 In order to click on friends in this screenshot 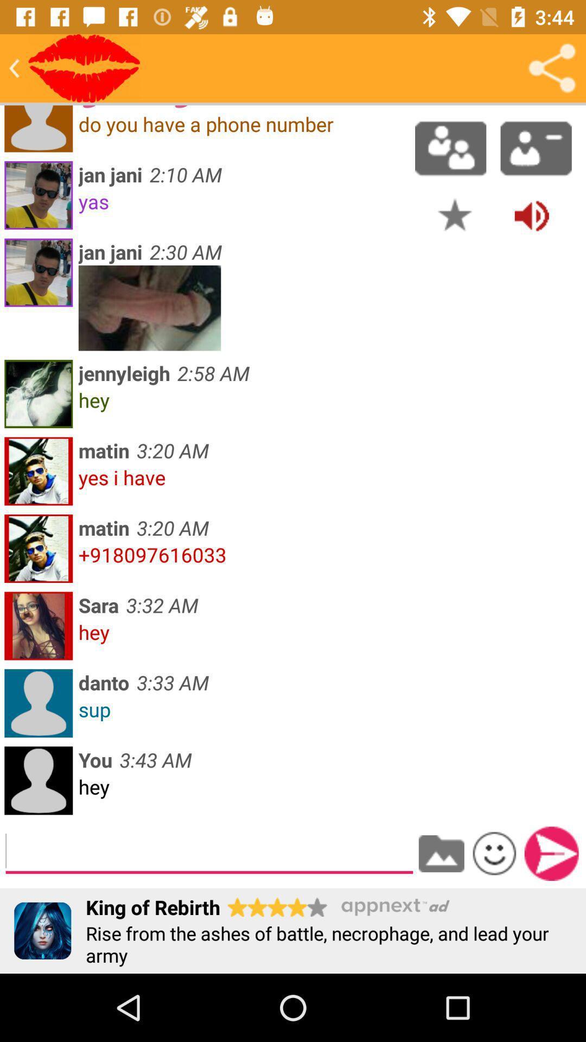, I will do `click(450, 148)`.